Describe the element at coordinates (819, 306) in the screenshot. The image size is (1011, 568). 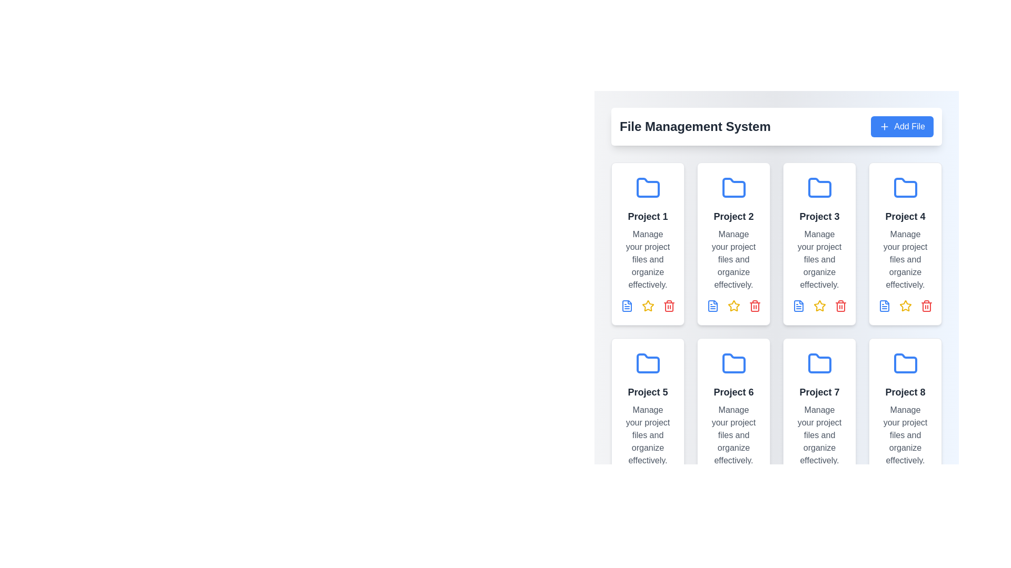
I see `the 'Favorite' icon button located within the 'Project 3' card` at that location.